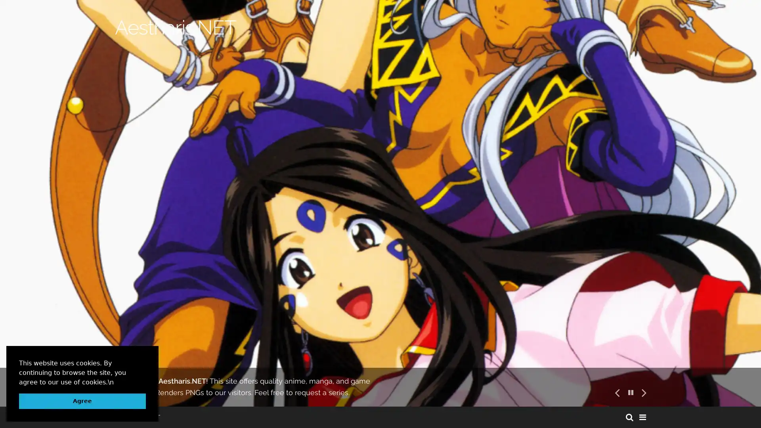  What do you see at coordinates (116, 382) in the screenshot?
I see `learn more about cookies` at bounding box center [116, 382].